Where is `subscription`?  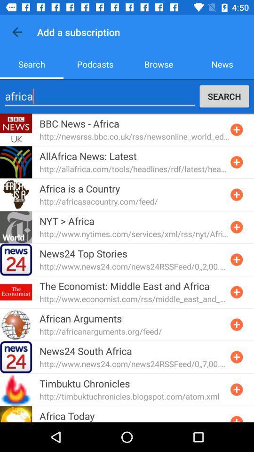 subscription is located at coordinates (236, 389).